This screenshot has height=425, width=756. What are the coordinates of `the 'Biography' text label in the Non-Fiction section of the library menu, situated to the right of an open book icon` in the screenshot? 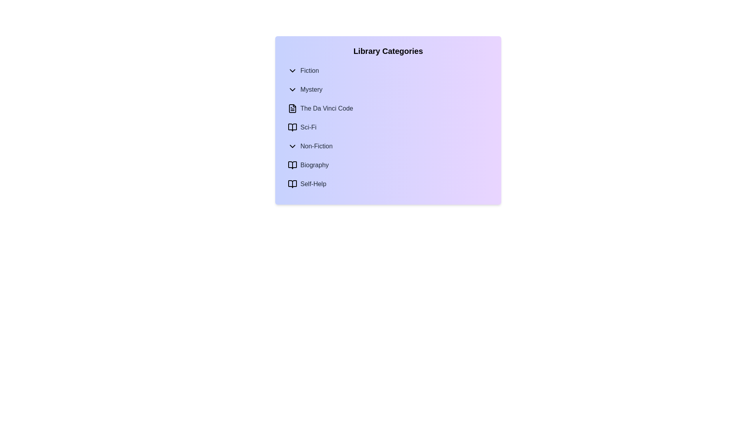 It's located at (314, 165).